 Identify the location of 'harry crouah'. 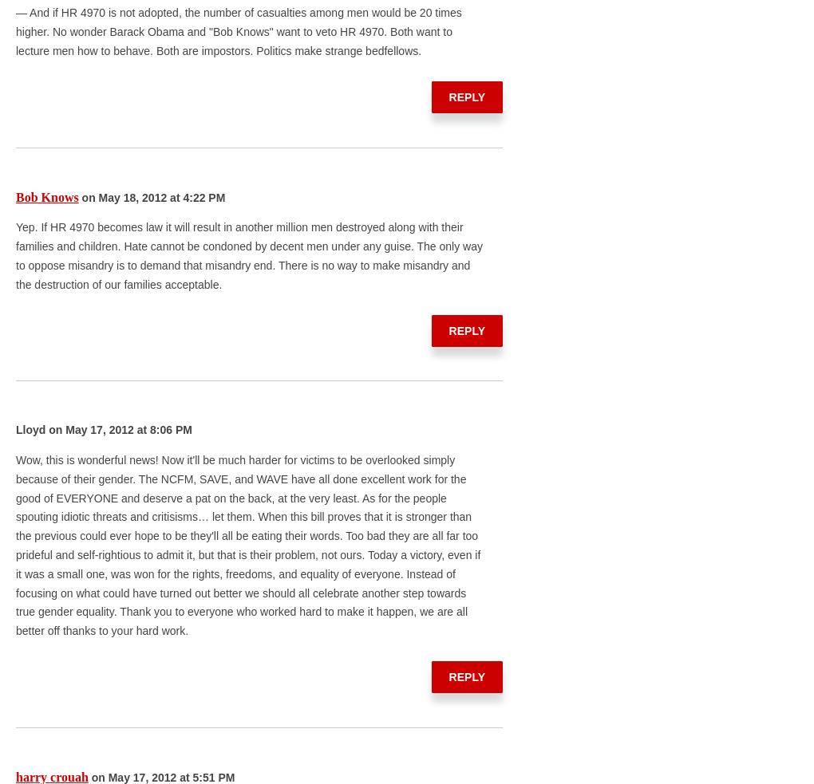
(51, 776).